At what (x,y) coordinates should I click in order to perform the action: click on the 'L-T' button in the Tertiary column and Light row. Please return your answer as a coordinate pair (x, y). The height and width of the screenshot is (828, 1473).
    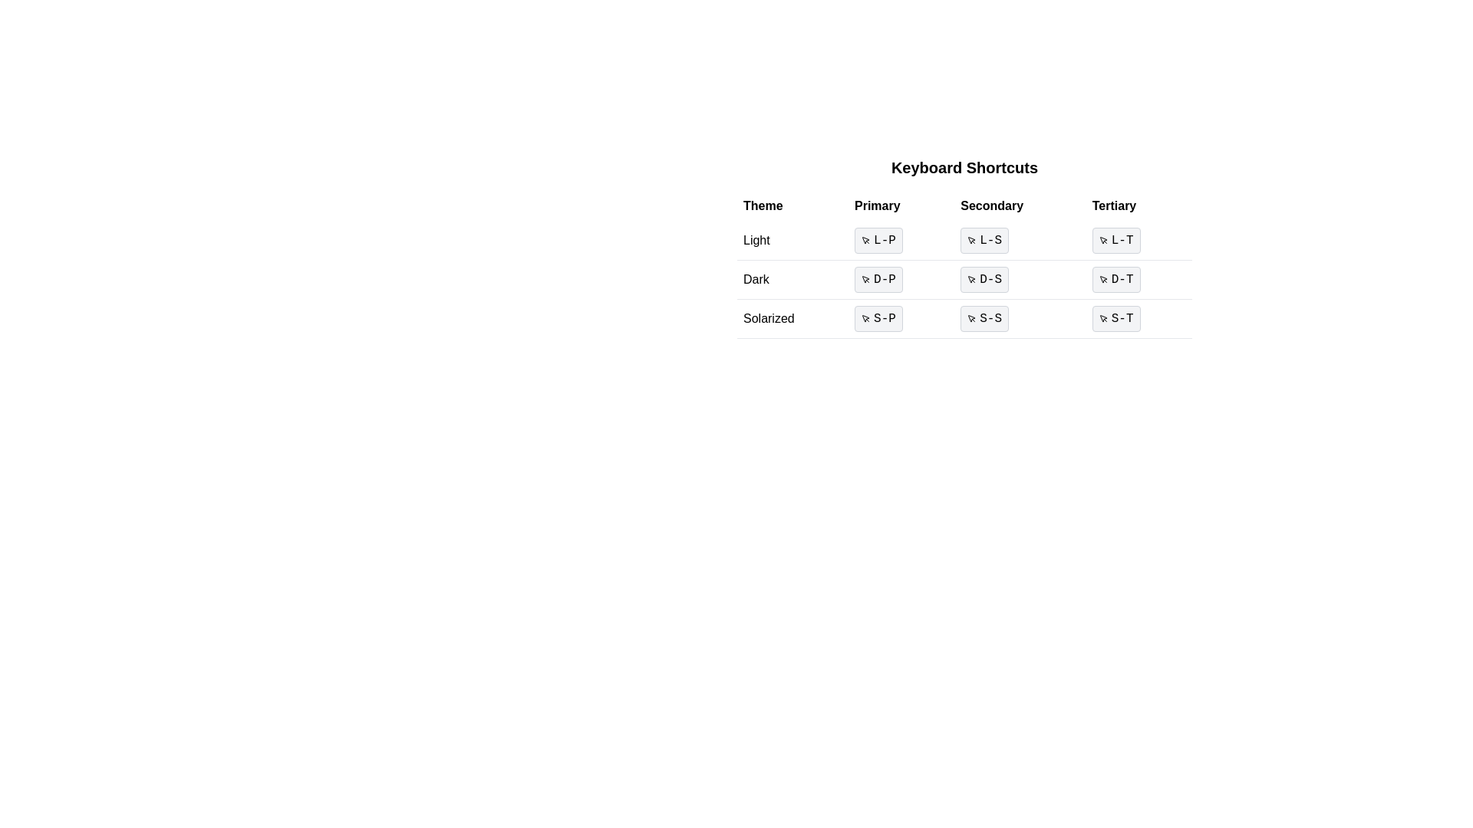
    Looking at the image, I should click on (1116, 240).